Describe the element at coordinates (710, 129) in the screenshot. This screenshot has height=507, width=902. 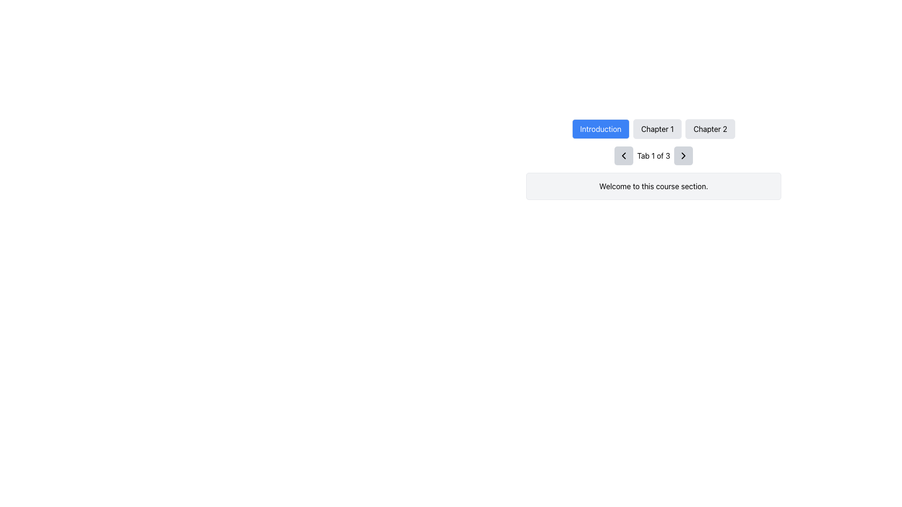
I see `the 'Chapter 2' navigation button, which is the rightmost button in a sequence of three buttons labeled 'Introduction', 'Chapter 1', and 'Chapter 2'` at that location.